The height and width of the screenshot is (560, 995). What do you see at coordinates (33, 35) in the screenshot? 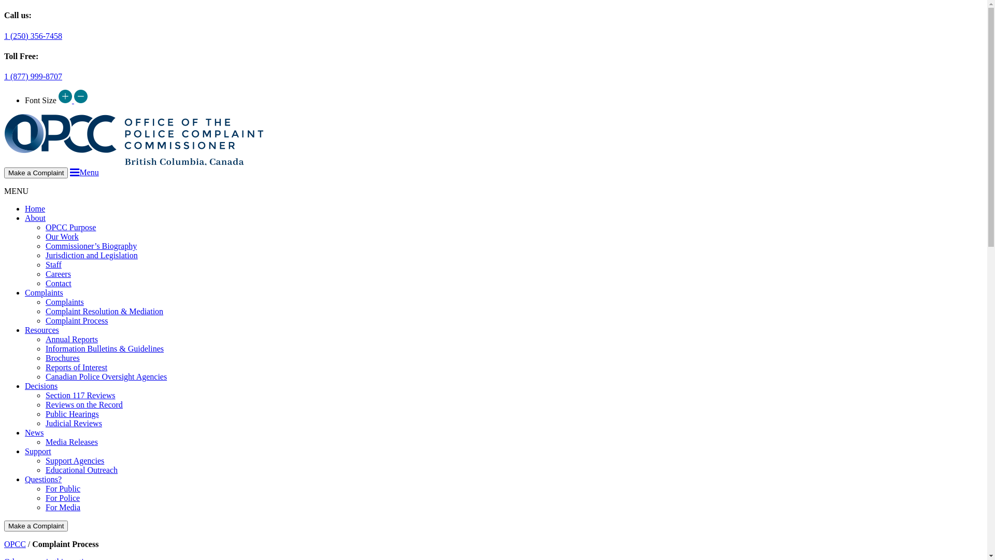
I see `'1 (250) 356-7458'` at bounding box center [33, 35].